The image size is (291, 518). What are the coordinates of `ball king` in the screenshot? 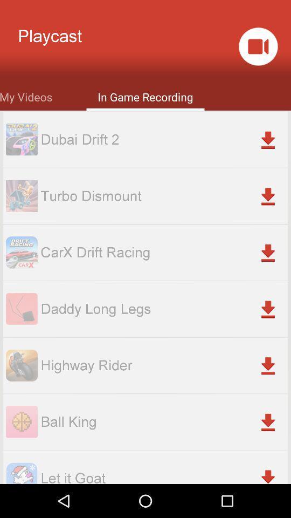 It's located at (163, 421).